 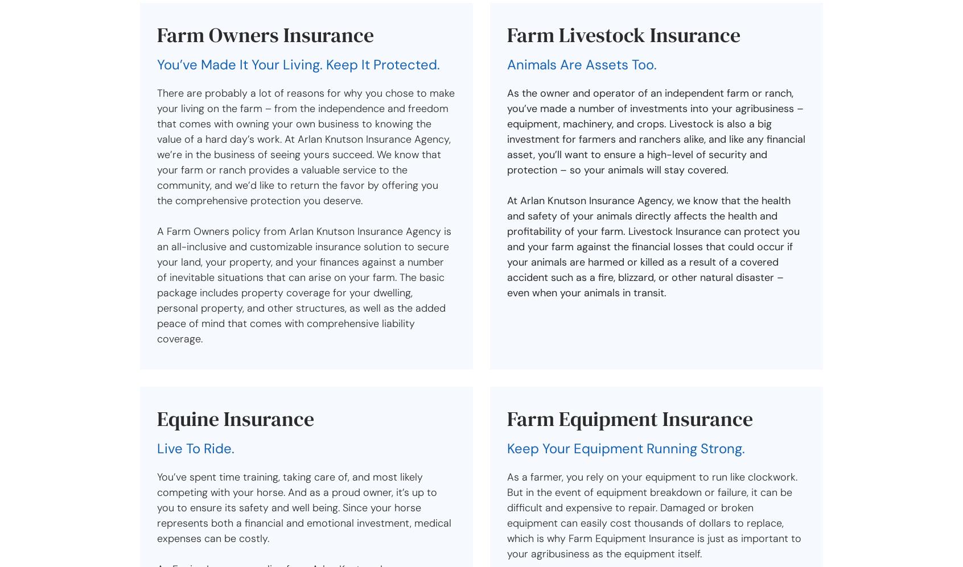 I want to click on 'Live To Ride.', so click(x=195, y=448).